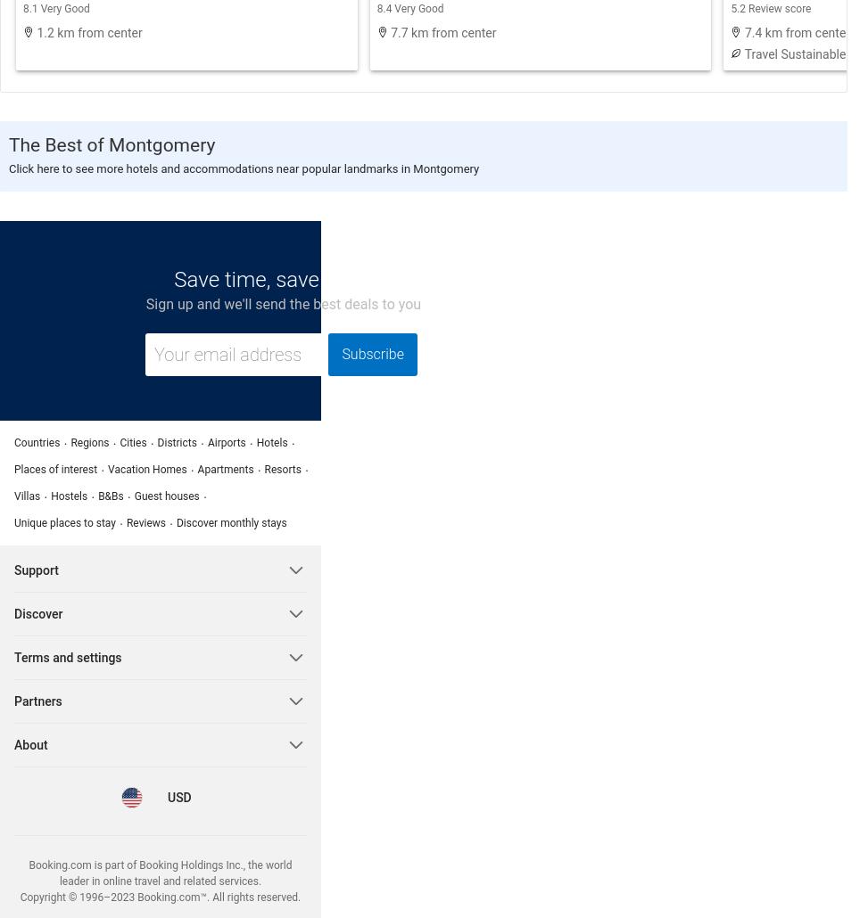 The width and height of the screenshot is (868, 918). Describe the element at coordinates (27, 495) in the screenshot. I see `'Villas'` at that location.